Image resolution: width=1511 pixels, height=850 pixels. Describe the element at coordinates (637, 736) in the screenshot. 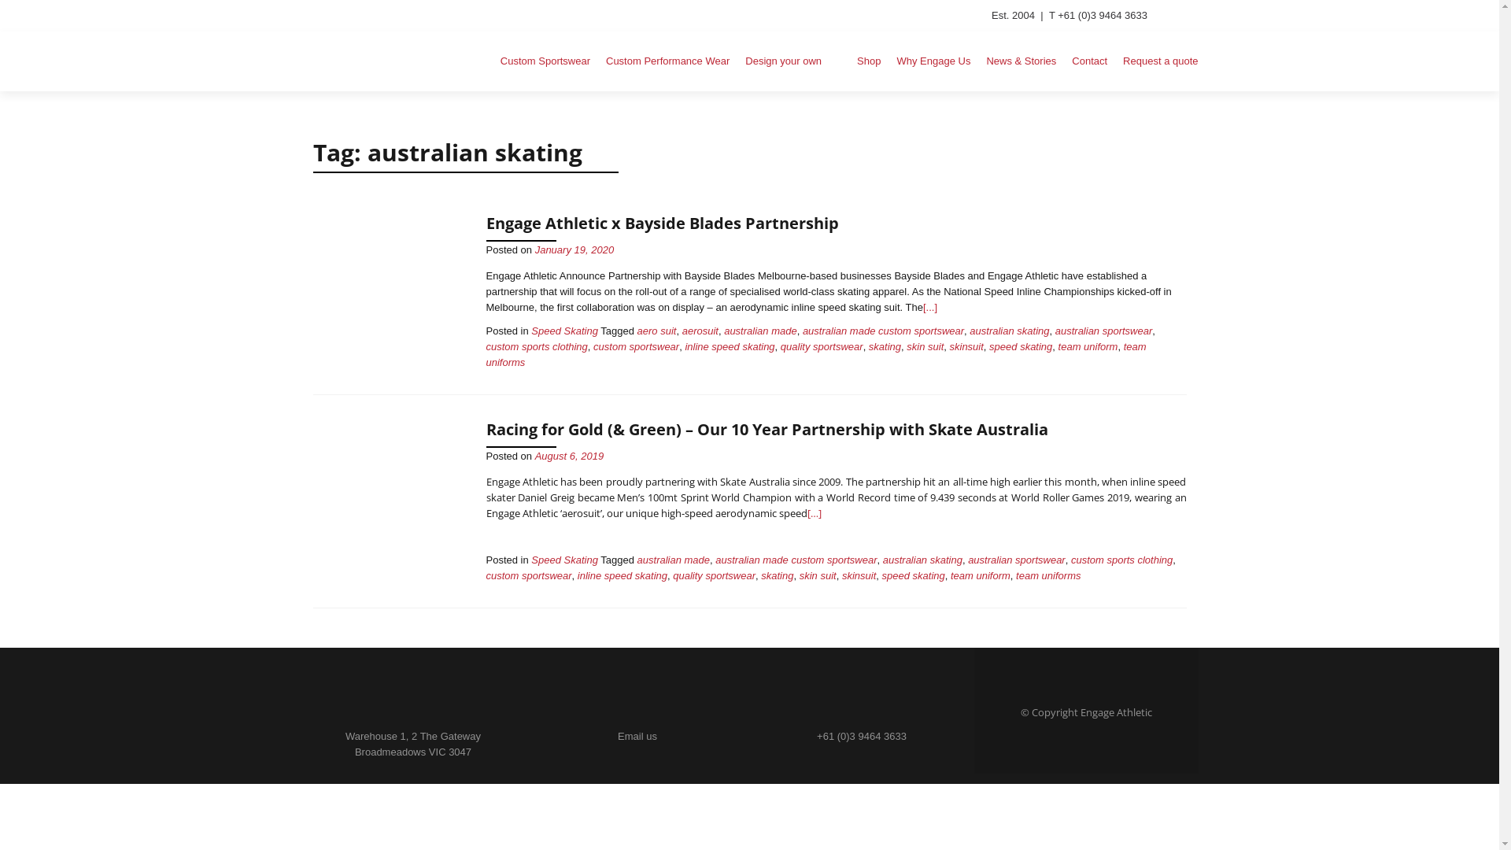

I see `'Email us'` at that location.